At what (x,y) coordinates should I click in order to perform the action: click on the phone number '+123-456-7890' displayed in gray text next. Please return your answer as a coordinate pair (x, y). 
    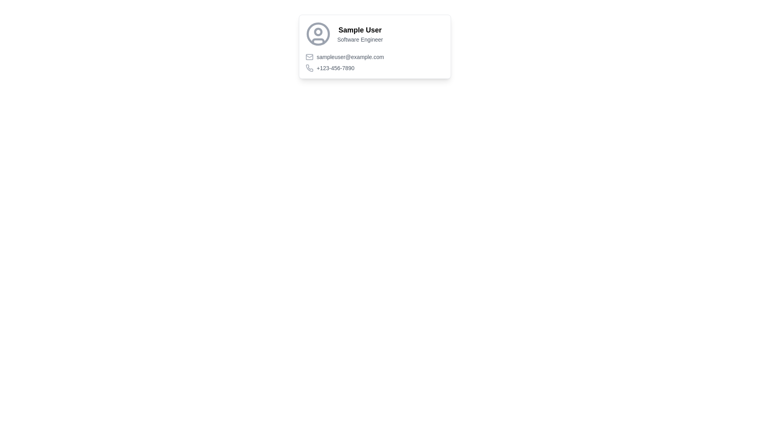
    Looking at the image, I should click on (374, 68).